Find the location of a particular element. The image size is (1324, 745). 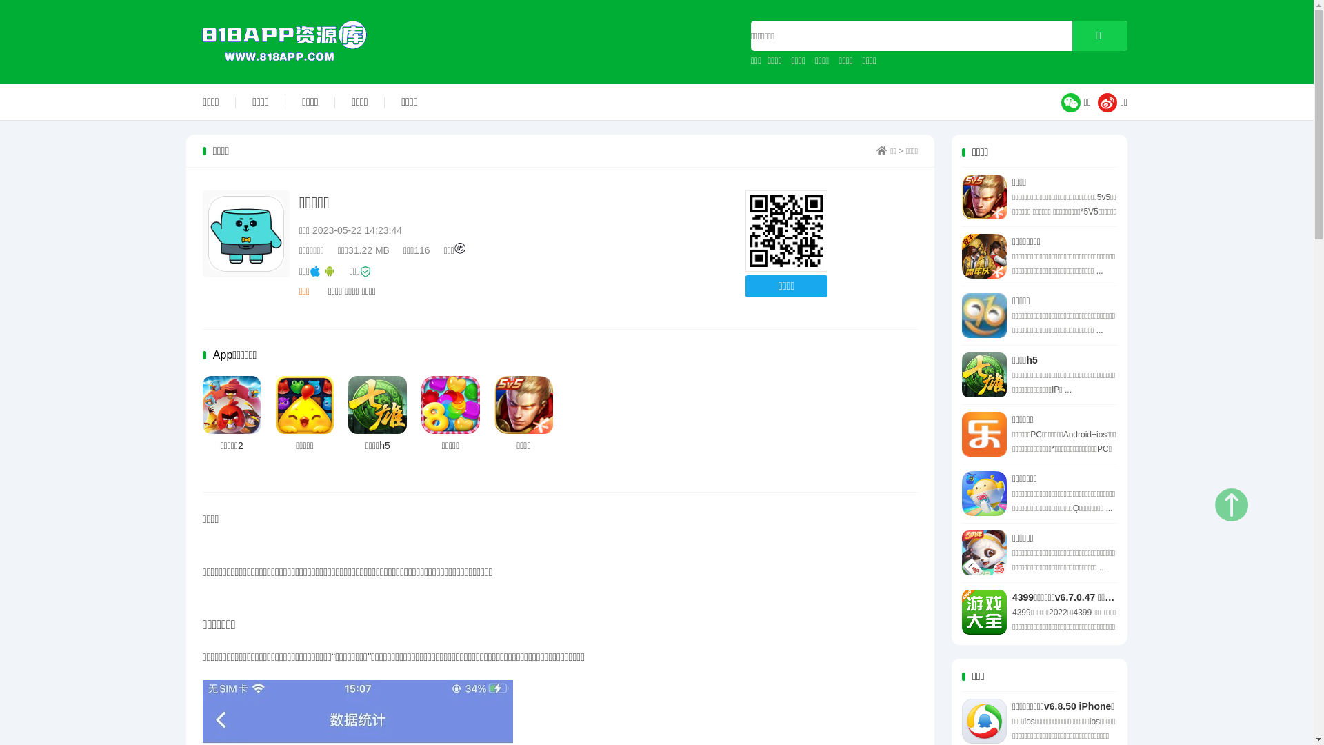

'http://www.818app.com' is located at coordinates (786, 230).